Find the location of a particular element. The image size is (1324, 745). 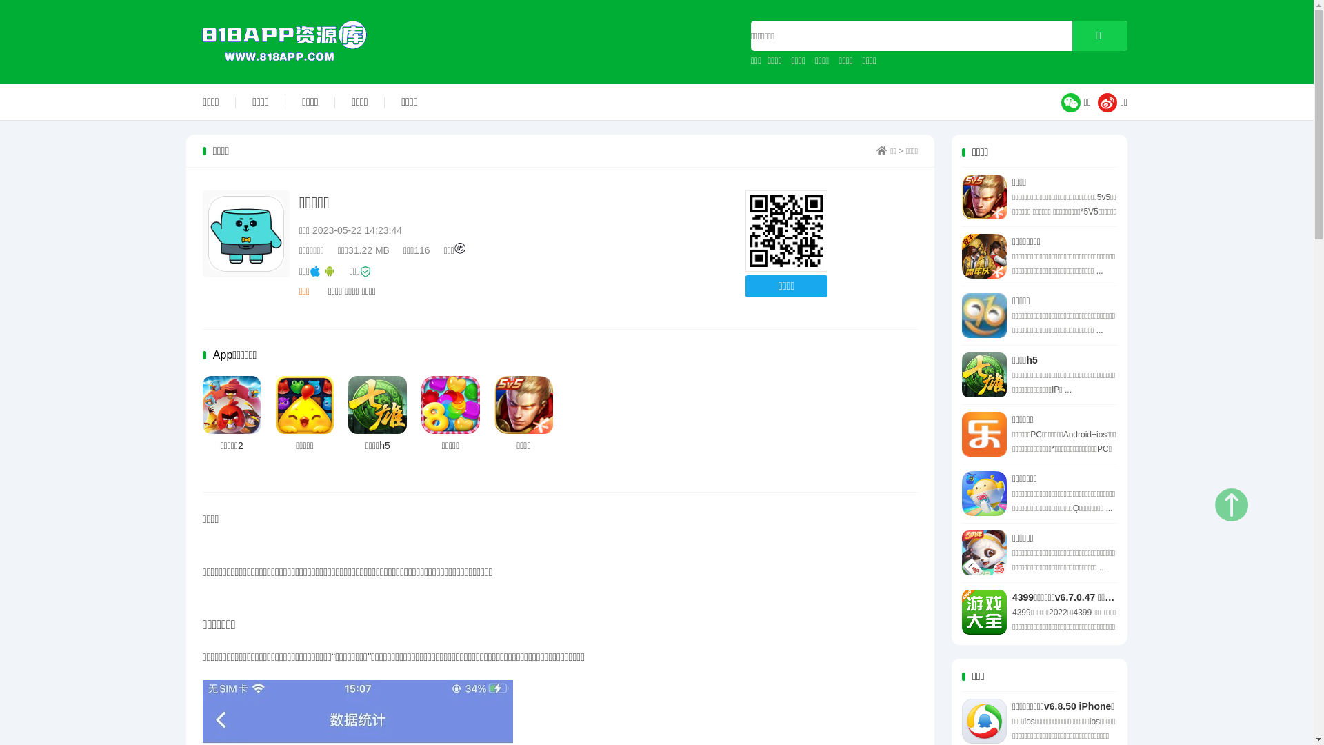

'http://www.818app.com' is located at coordinates (786, 230).